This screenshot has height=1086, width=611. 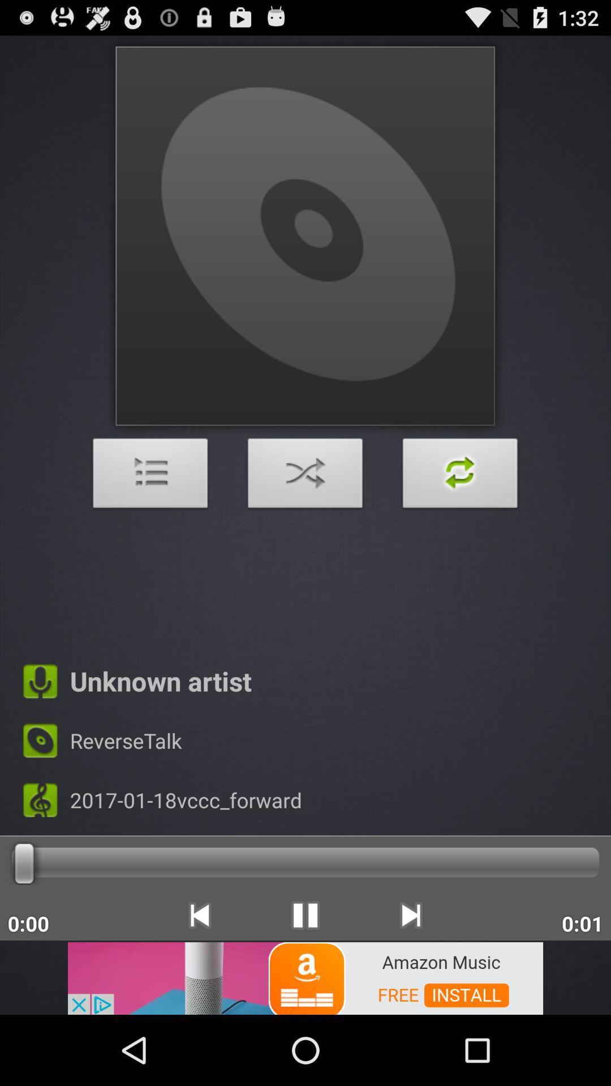 What do you see at coordinates (411, 979) in the screenshot?
I see `the skip_next icon` at bounding box center [411, 979].